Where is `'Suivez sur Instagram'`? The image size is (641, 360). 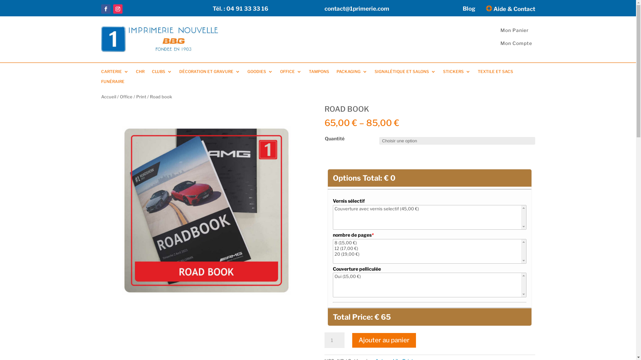 'Suivez sur Instagram' is located at coordinates (117, 9).